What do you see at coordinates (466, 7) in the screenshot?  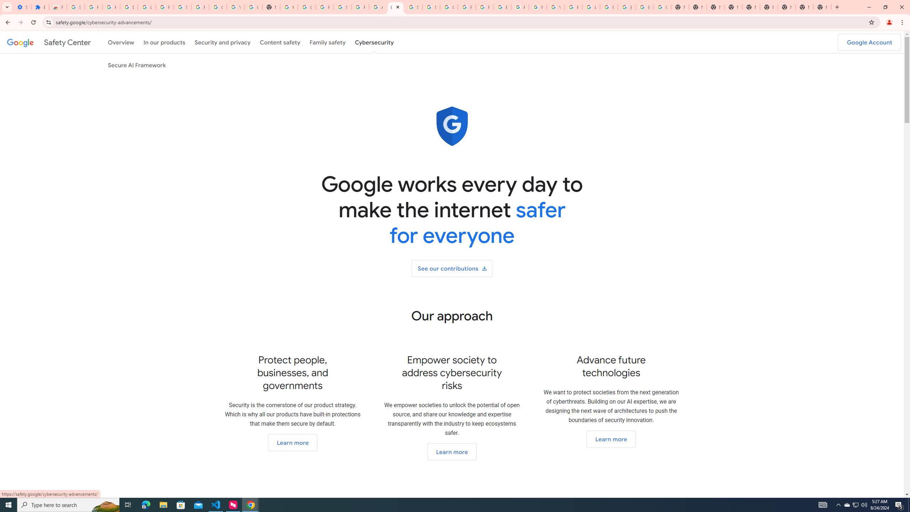 I see `'Privacy Help Center - Policies Help'` at bounding box center [466, 7].